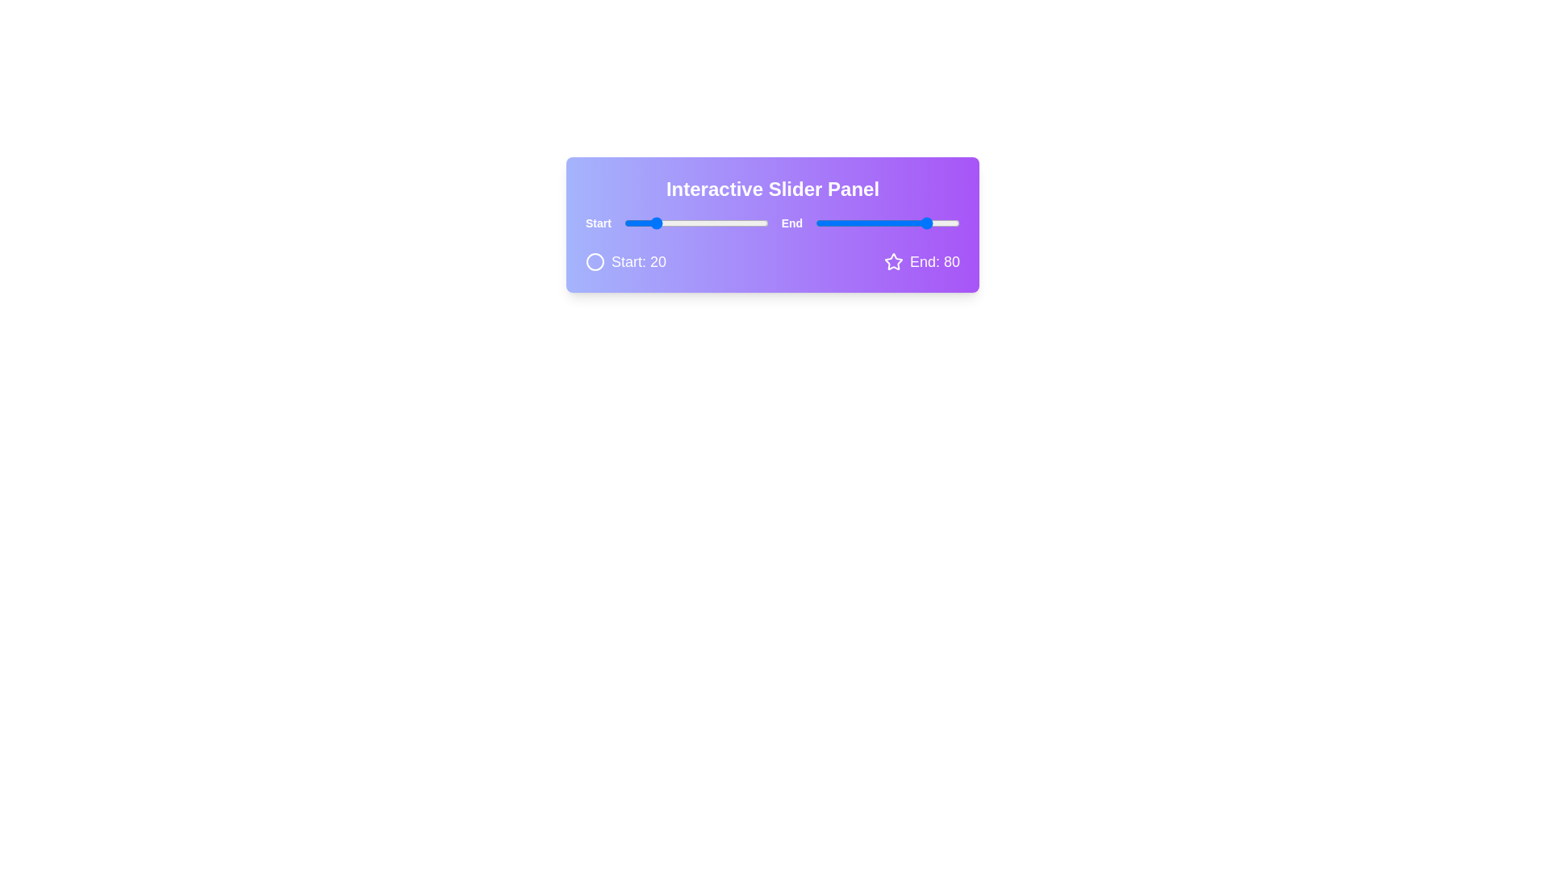 The width and height of the screenshot is (1549, 871). Describe the element at coordinates (671, 223) in the screenshot. I see `the start slider` at that location.